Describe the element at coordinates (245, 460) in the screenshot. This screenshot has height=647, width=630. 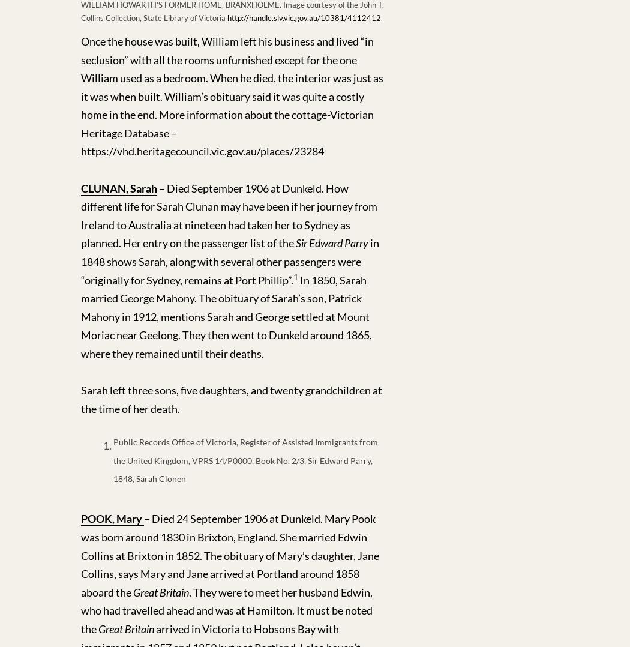
I see `'Public Records Office of Victoria, Register of Assisted Immigrants from the United Kingdom, VPRS 14/P0000, Book No. 2/3, Sir Edward Parry, 1848, Sarah Clonen'` at that location.